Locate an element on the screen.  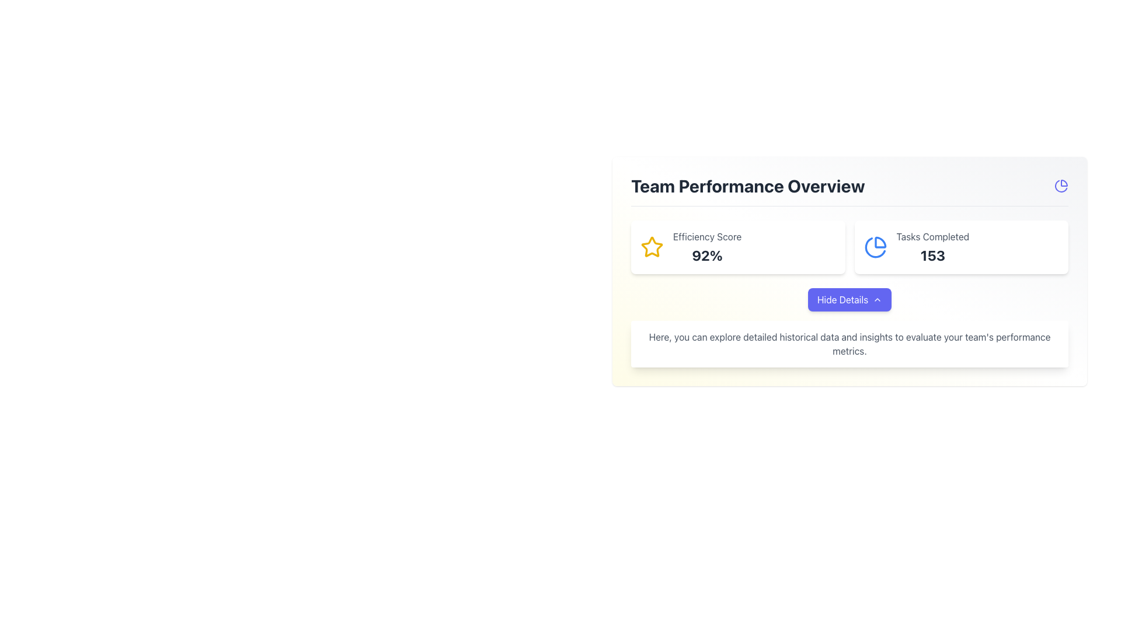
informative text block that contains the message 'Here, you can explore detailed historical data and insights to evaluate your team's performance metrics.' located below the 'Hide Details' button in the 'Team Performance Overview' section is located at coordinates (850, 328).